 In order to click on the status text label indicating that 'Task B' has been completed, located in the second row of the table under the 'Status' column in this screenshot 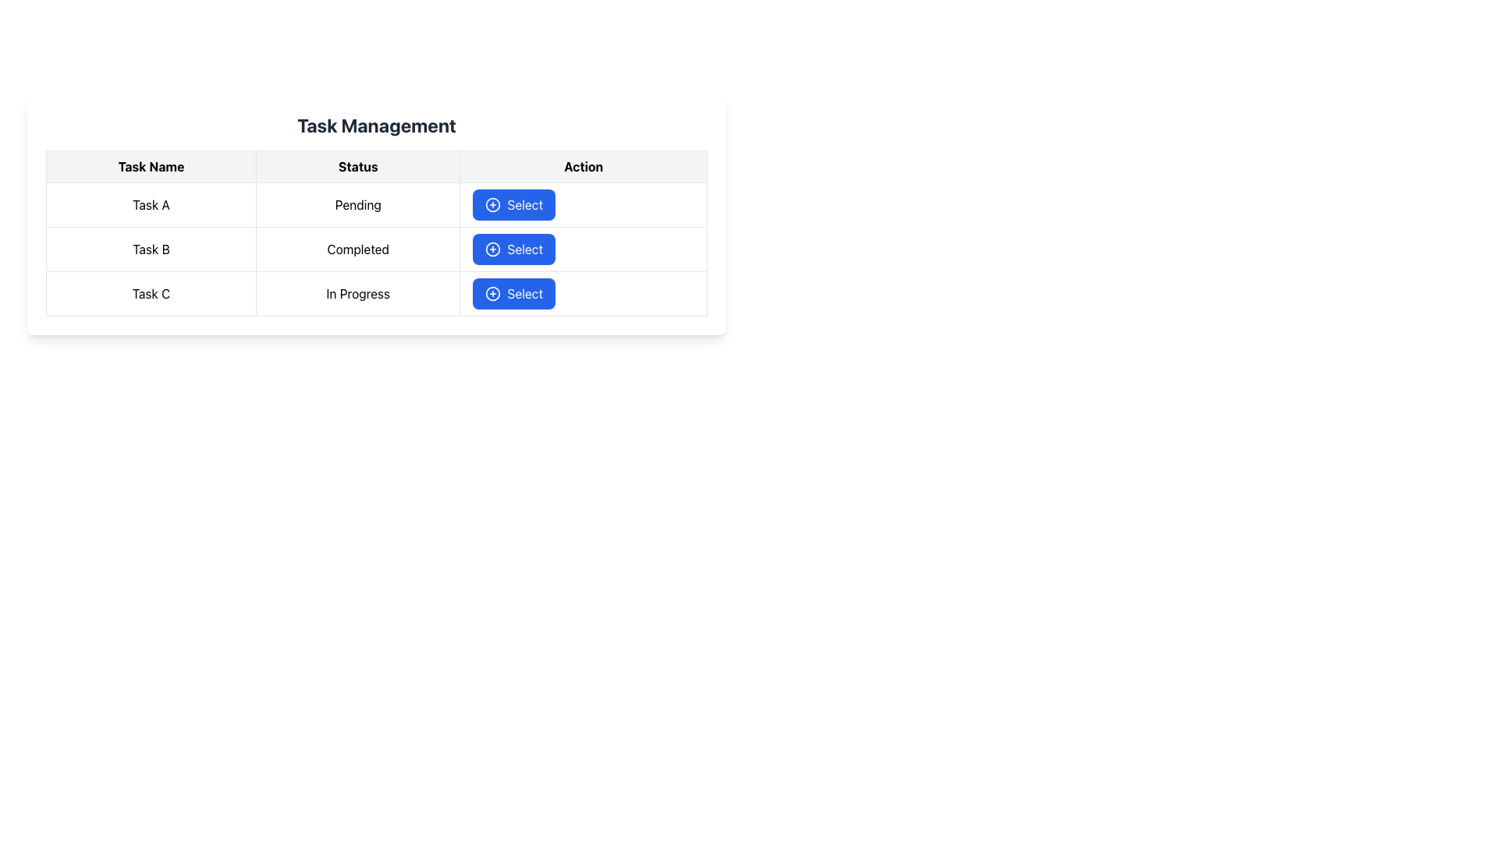, I will do `click(357, 249)`.